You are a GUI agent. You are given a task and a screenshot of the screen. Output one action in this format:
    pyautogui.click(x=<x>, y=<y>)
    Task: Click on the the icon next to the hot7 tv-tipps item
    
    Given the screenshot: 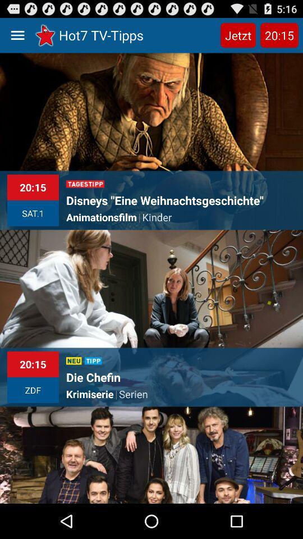 What is the action you would take?
    pyautogui.click(x=237, y=35)
    